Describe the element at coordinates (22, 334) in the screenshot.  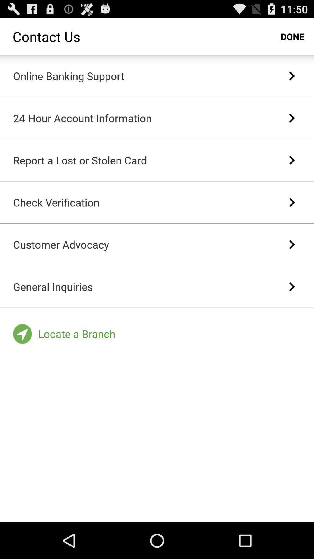
I see `the icon bottom left corner` at that location.